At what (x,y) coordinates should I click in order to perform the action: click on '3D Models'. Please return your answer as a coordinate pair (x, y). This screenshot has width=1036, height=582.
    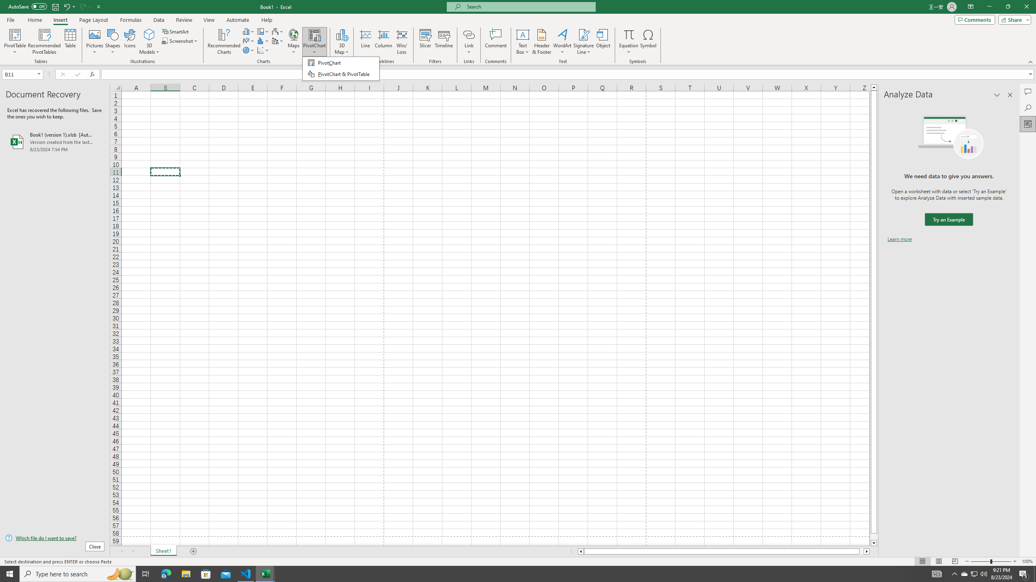
    Looking at the image, I should click on (149, 42).